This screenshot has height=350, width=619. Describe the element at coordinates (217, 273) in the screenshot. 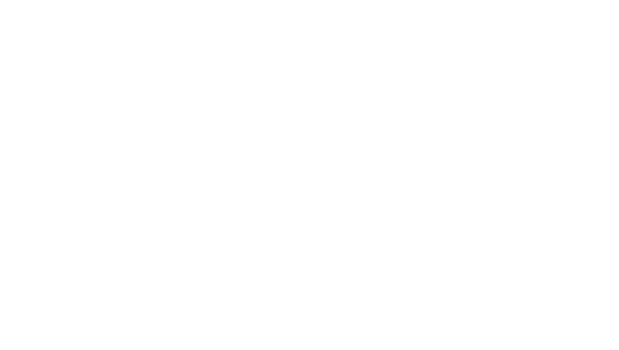

I see `'Business'` at that location.